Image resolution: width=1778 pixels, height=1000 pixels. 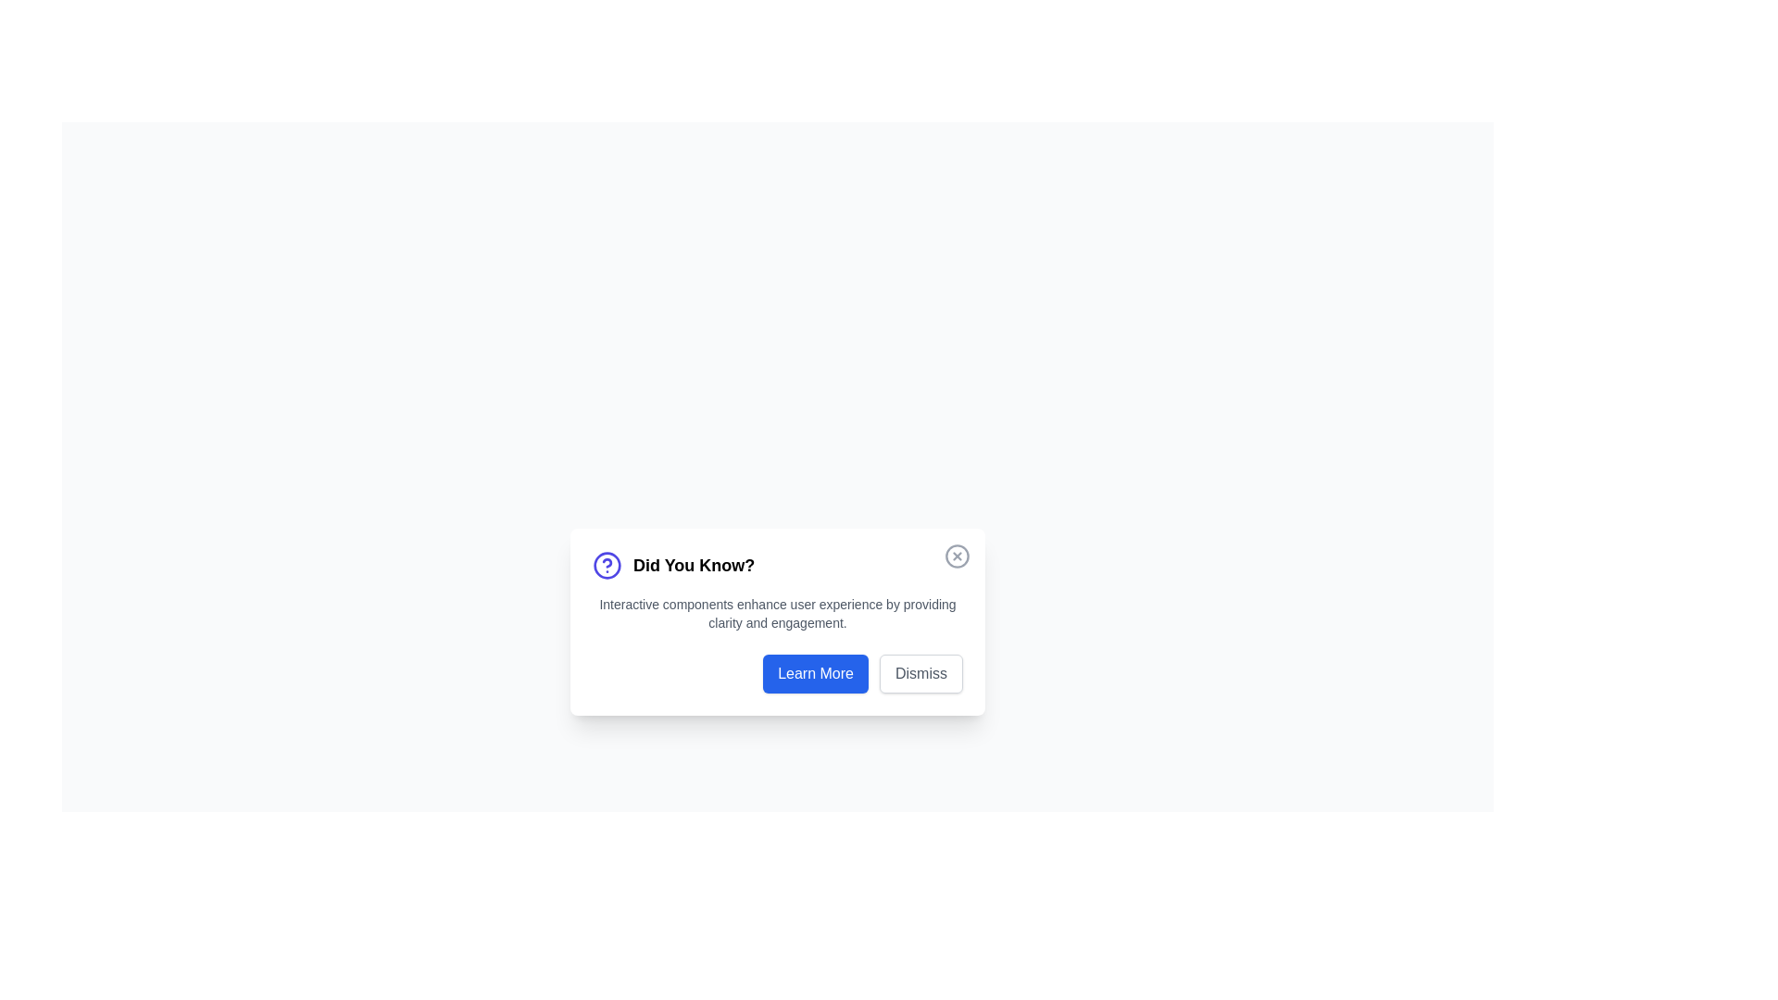 What do you see at coordinates (957, 556) in the screenshot?
I see `the circular button with a cross icon inside, located in the top-right corner of the dialog box` at bounding box center [957, 556].